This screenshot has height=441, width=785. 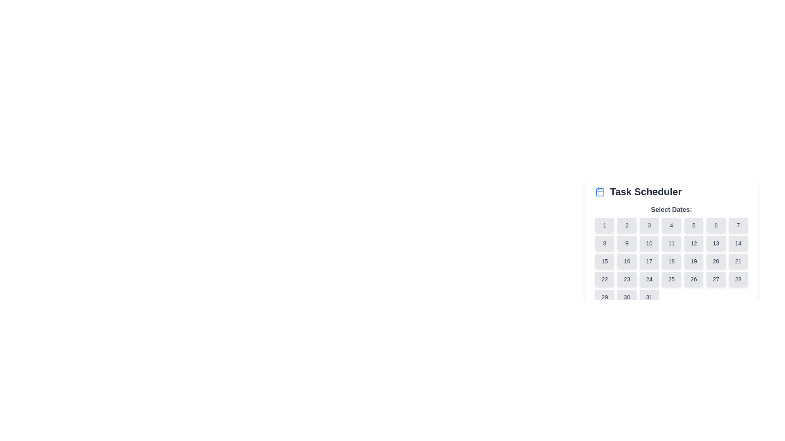 What do you see at coordinates (715, 243) in the screenshot?
I see `the button representing the 13th day in the date picker interface, located in the second row and sixth column of the grid` at bounding box center [715, 243].